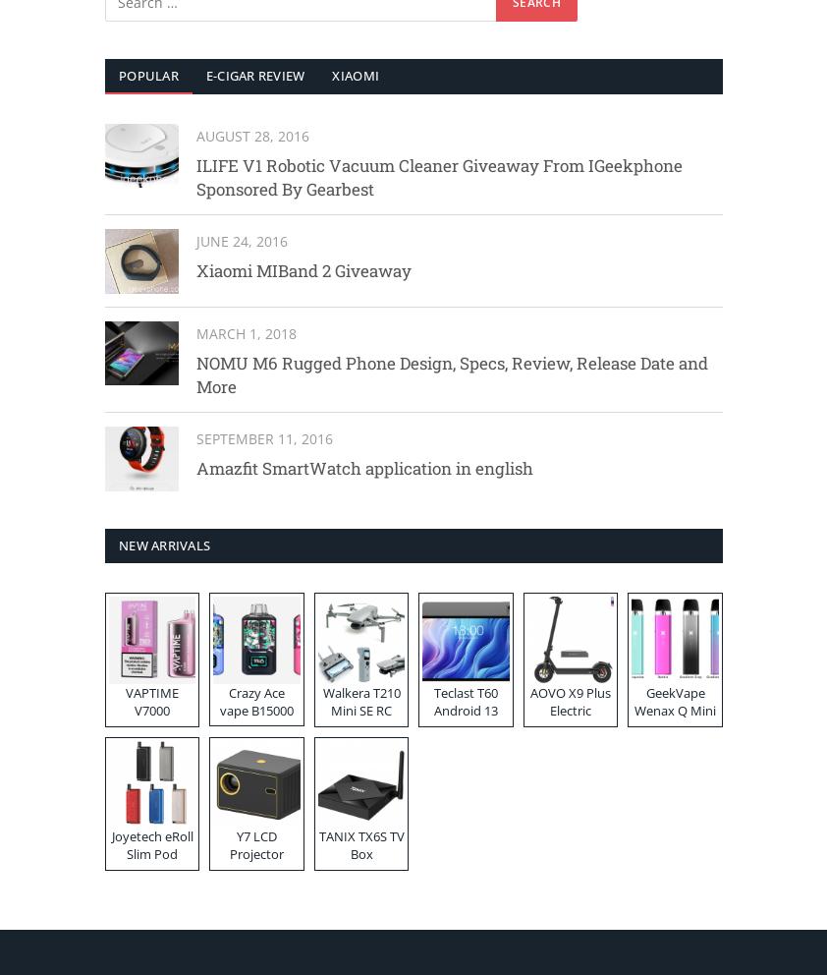 This screenshot has width=827, height=975. What do you see at coordinates (247, 331) in the screenshot?
I see `'March 1, 2018'` at bounding box center [247, 331].